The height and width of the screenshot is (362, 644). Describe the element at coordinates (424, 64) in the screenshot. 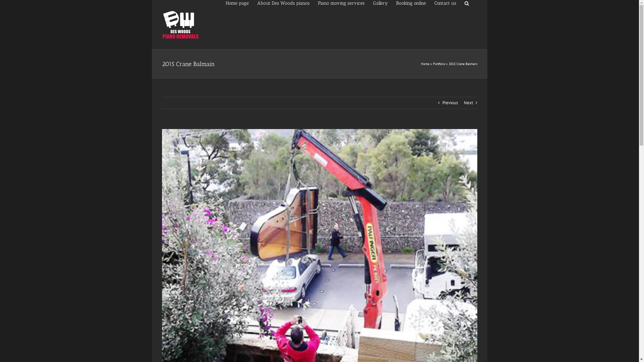

I see `'Home'` at that location.